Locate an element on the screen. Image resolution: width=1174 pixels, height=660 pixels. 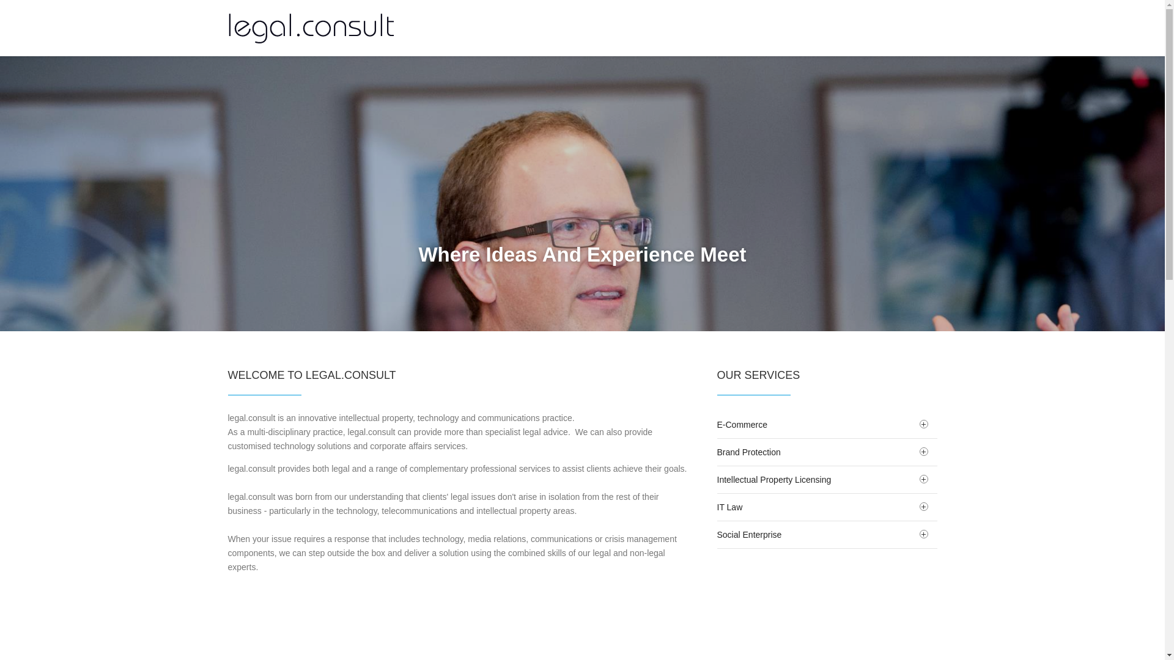
'IT Law' is located at coordinates (827, 507).